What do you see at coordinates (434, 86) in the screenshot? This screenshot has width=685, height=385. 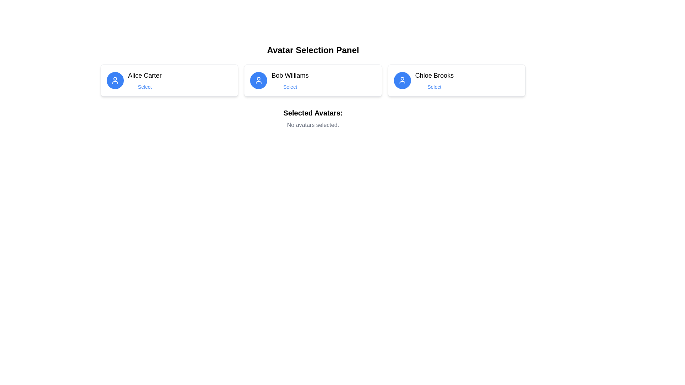 I see `the 'Select' button styled in blue and underlined within the user card for 'Chloe Brooks'` at bounding box center [434, 86].